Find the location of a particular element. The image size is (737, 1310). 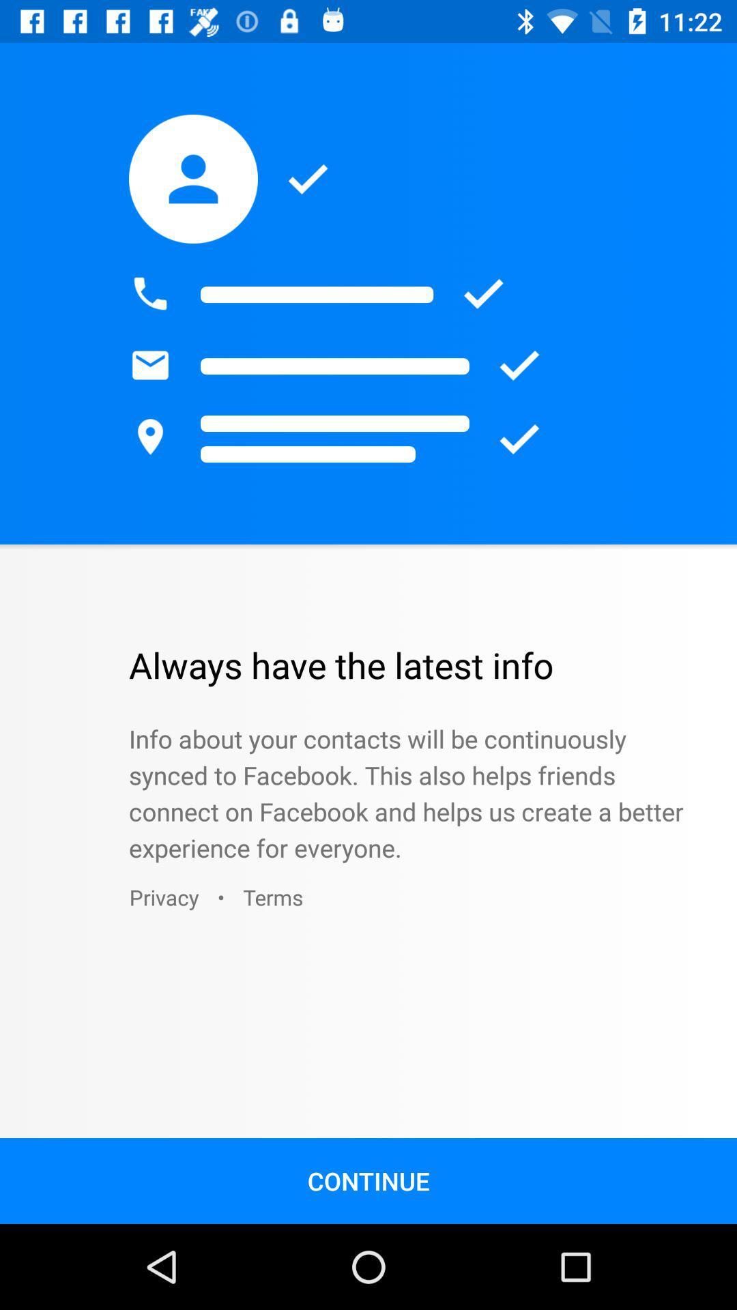

icon above the continue is located at coordinates (163, 897).